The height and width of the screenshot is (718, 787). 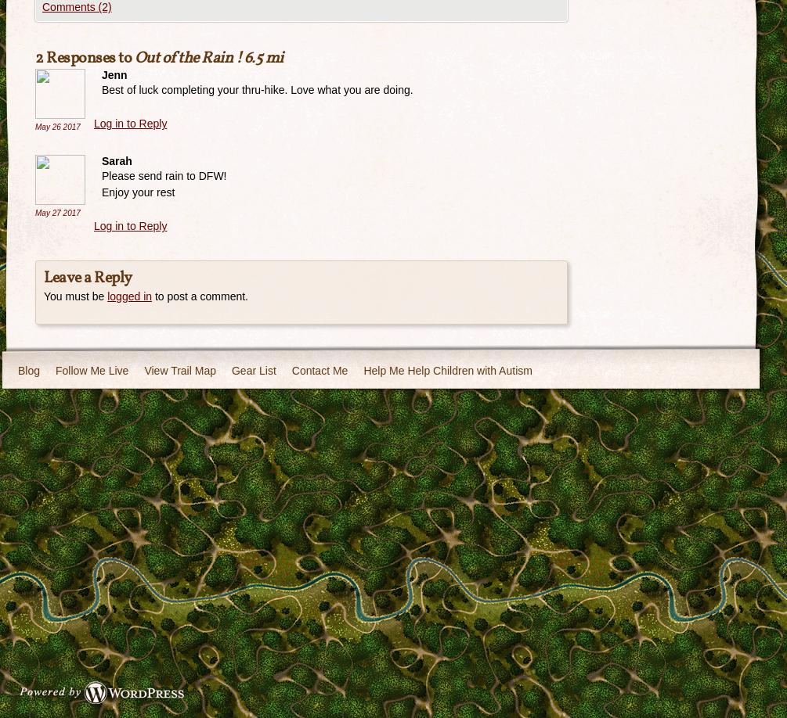 What do you see at coordinates (49, 126) in the screenshot?
I see `'May 26'` at bounding box center [49, 126].